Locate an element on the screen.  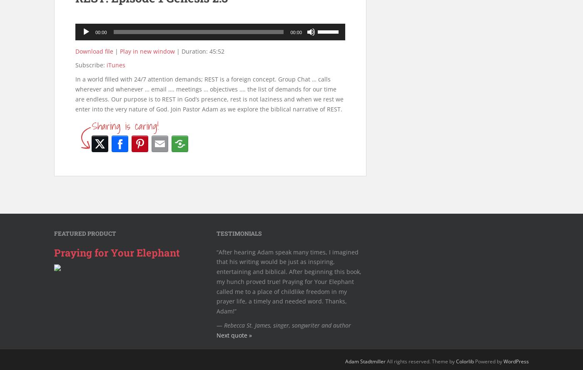
'Subscribe:' is located at coordinates (91, 65).